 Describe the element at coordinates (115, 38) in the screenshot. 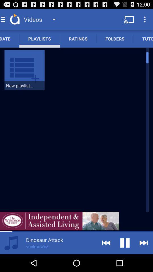

I see `folders` at that location.